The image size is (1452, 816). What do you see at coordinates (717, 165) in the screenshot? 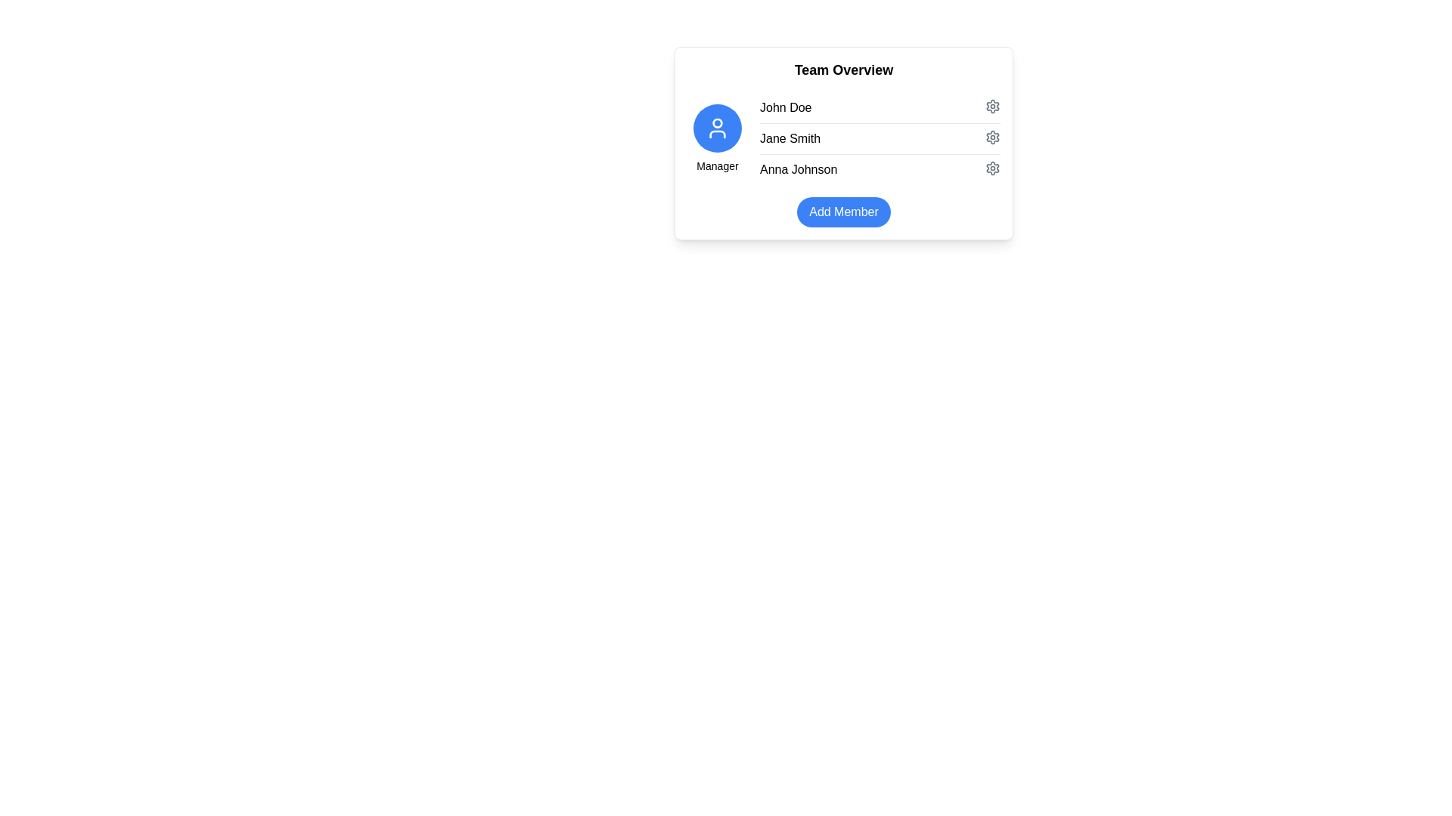
I see `the 'Manager' text label located under the circular blue user icon in the 'Team Overview' card` at bounding box center [717, 165].